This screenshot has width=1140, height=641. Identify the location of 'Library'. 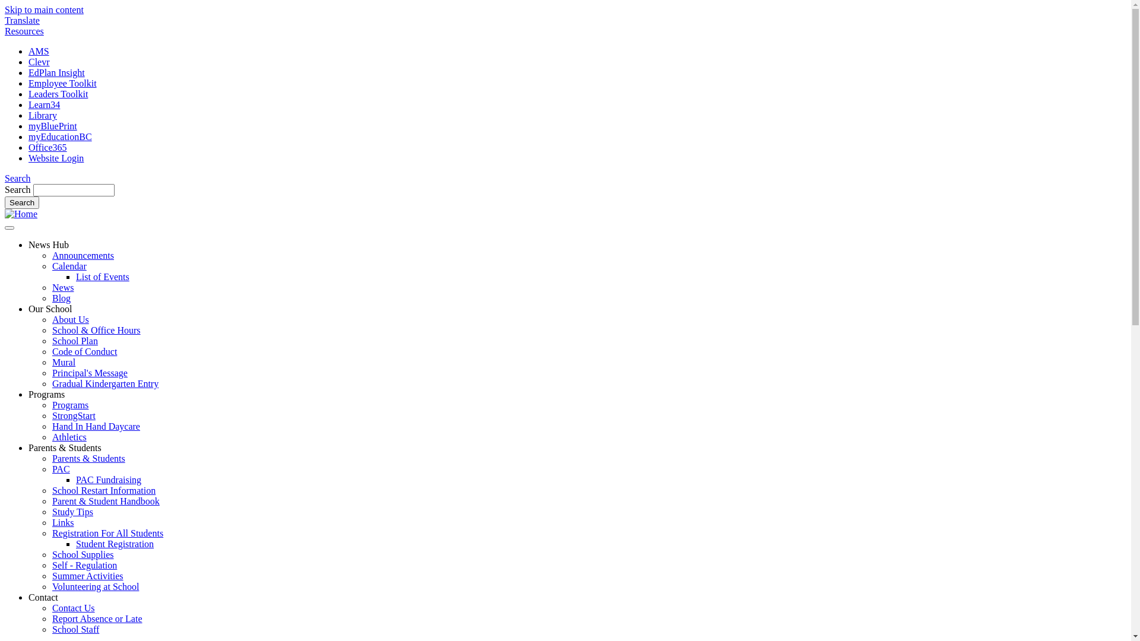
(43, 115).